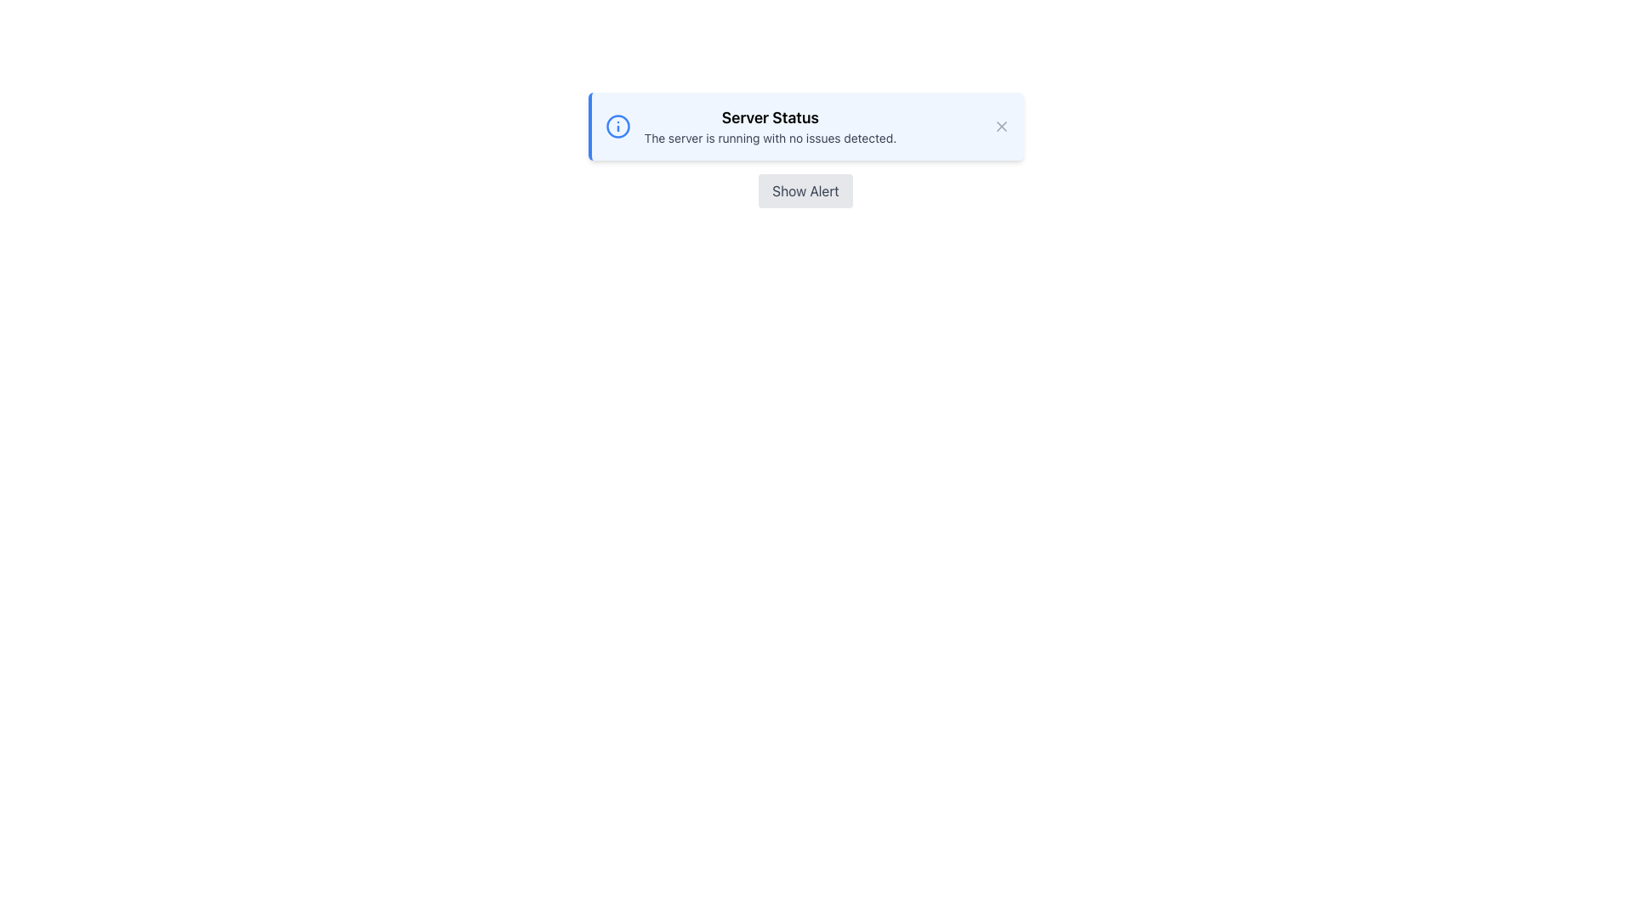  What do you see at coordinates (805, 190) in the screenshot?
I see `the button located below the 'Server Status' notification panel to observe a styling change` at bounding box center [805, 190].